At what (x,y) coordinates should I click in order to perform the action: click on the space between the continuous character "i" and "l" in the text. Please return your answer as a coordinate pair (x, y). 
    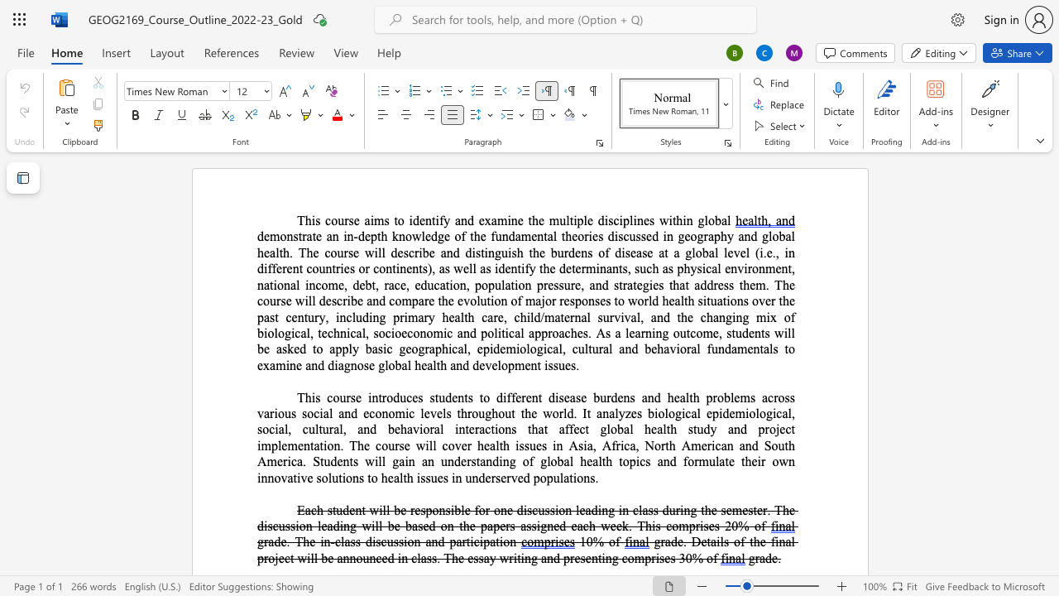
    Looking at the image, I should click on (787, 333).